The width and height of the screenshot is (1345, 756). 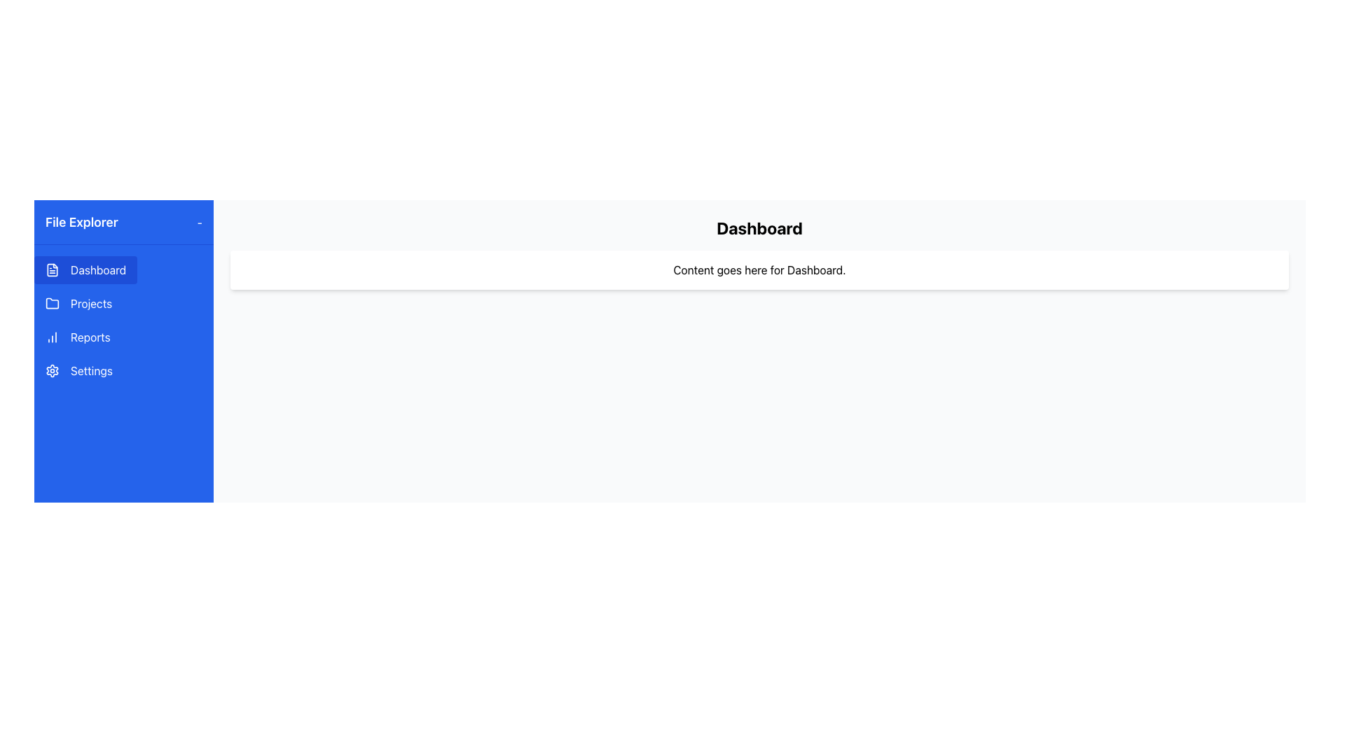 What do you see at coordinates (90, 303) in the screenshot?
I see `the 'Projects' navigation label` at bounding box center [90, 303].